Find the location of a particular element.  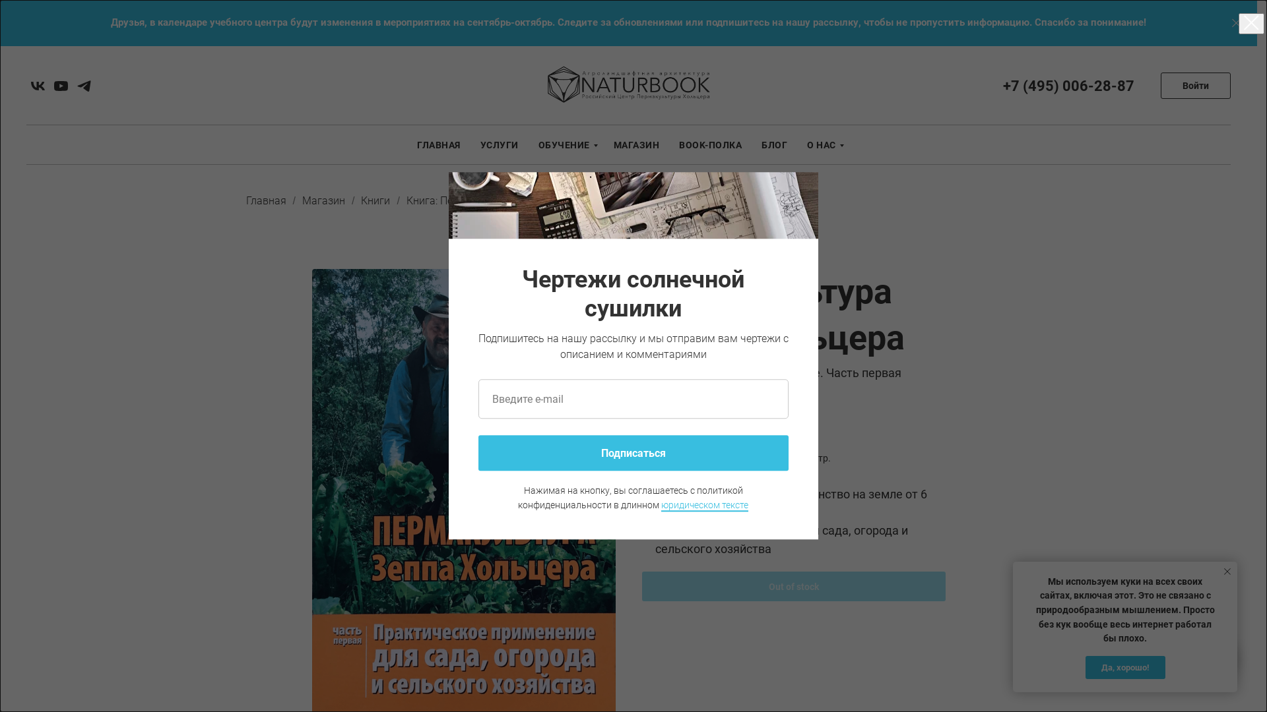

'+7 (495) 006-28-87' is located at coordinates (1068, 86).